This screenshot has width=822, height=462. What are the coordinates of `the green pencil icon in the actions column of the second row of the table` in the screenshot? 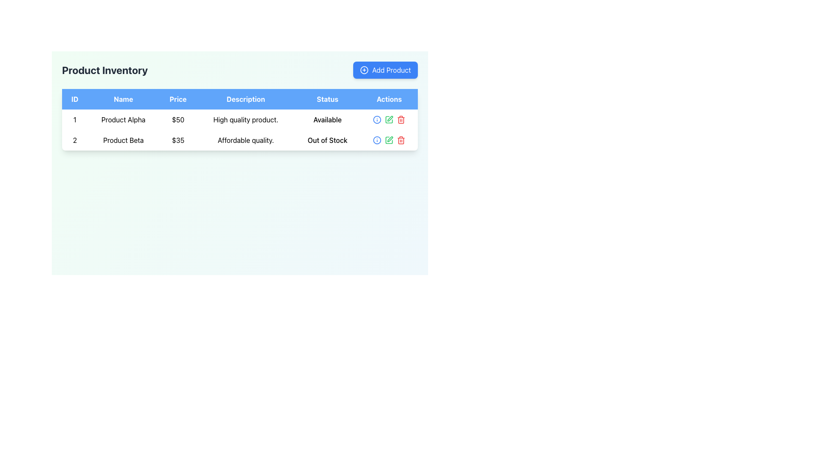 It's located at (389, 139).